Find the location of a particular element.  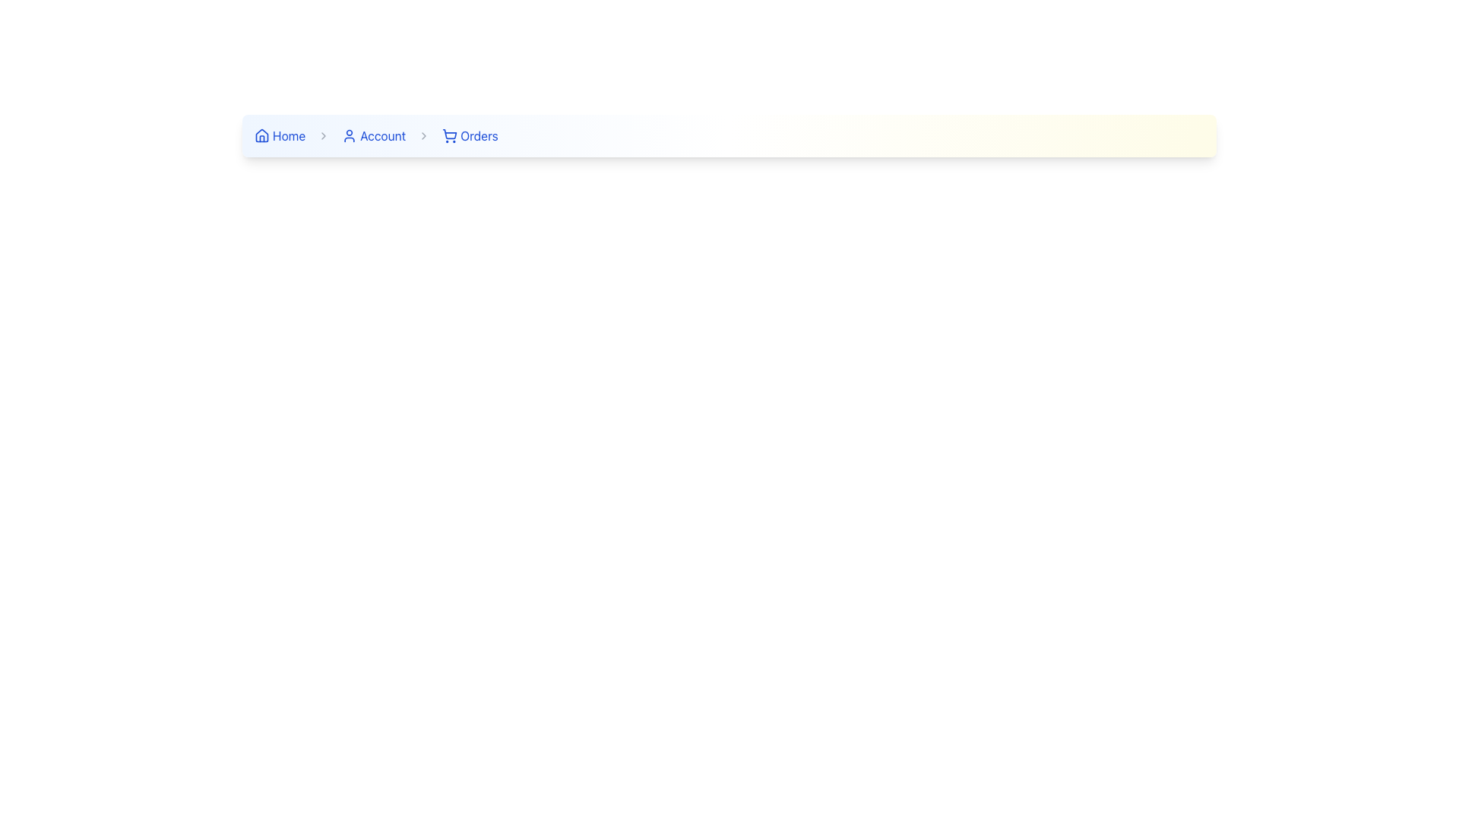

the 'Account' hyperlink in the breadcrumb navigation bar is located at coordinates (374, 135).